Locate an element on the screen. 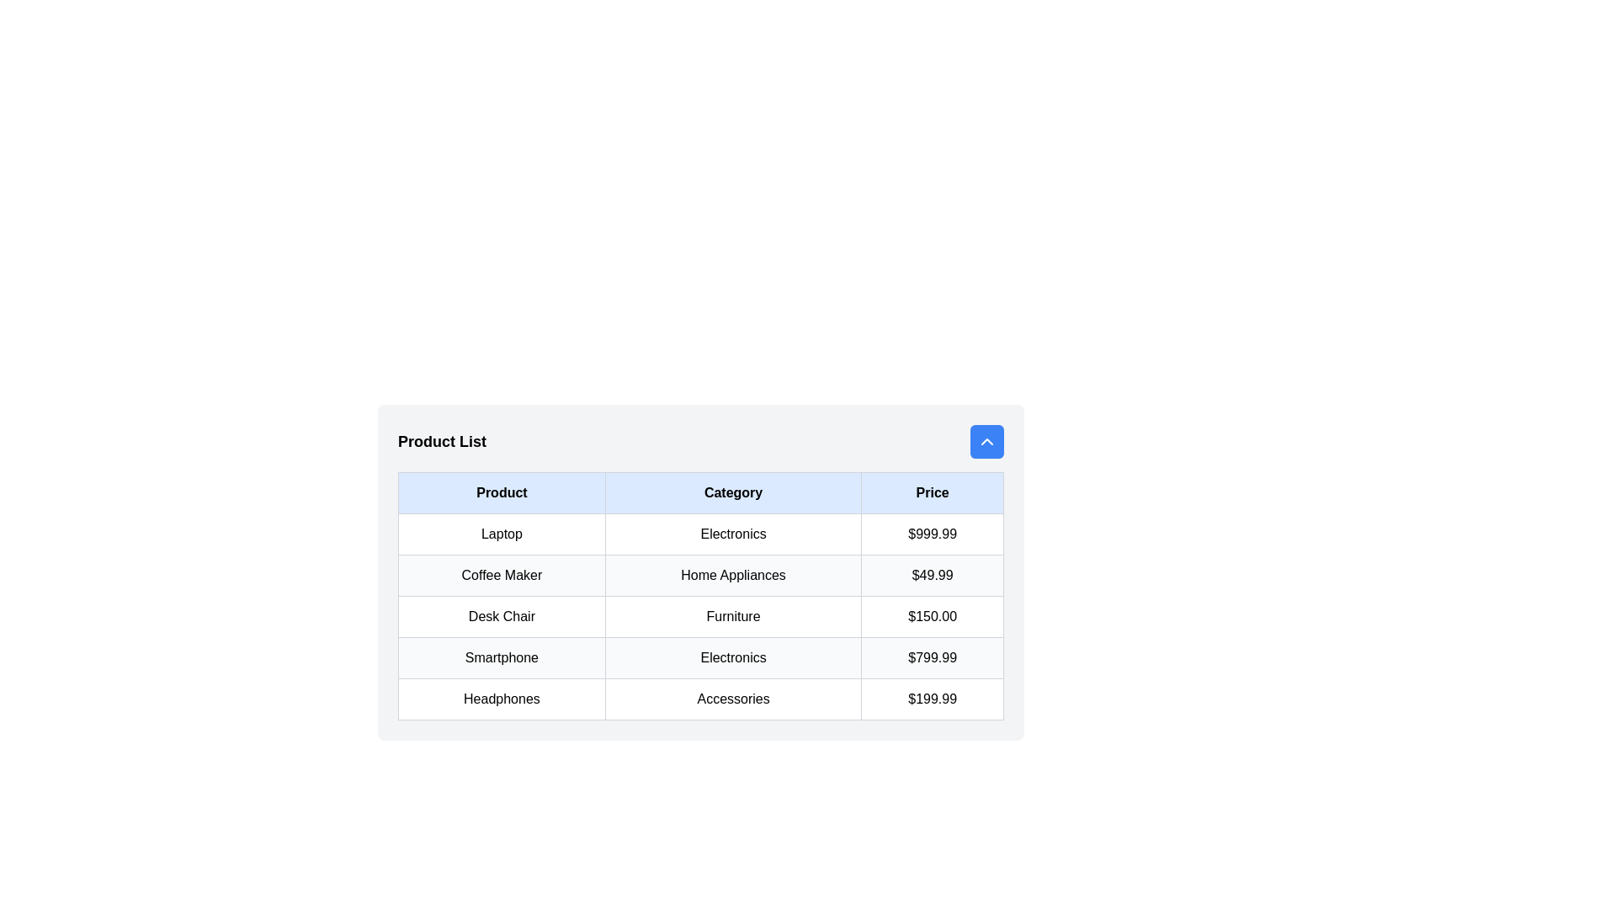 This screenshot has height=909, width=1616. the 'Furniture' text label, which is displayed in bold black font within the 'Category' column of the table row containing 'Desk Chair' and '$150.00' is located at coordinates (733, 616).